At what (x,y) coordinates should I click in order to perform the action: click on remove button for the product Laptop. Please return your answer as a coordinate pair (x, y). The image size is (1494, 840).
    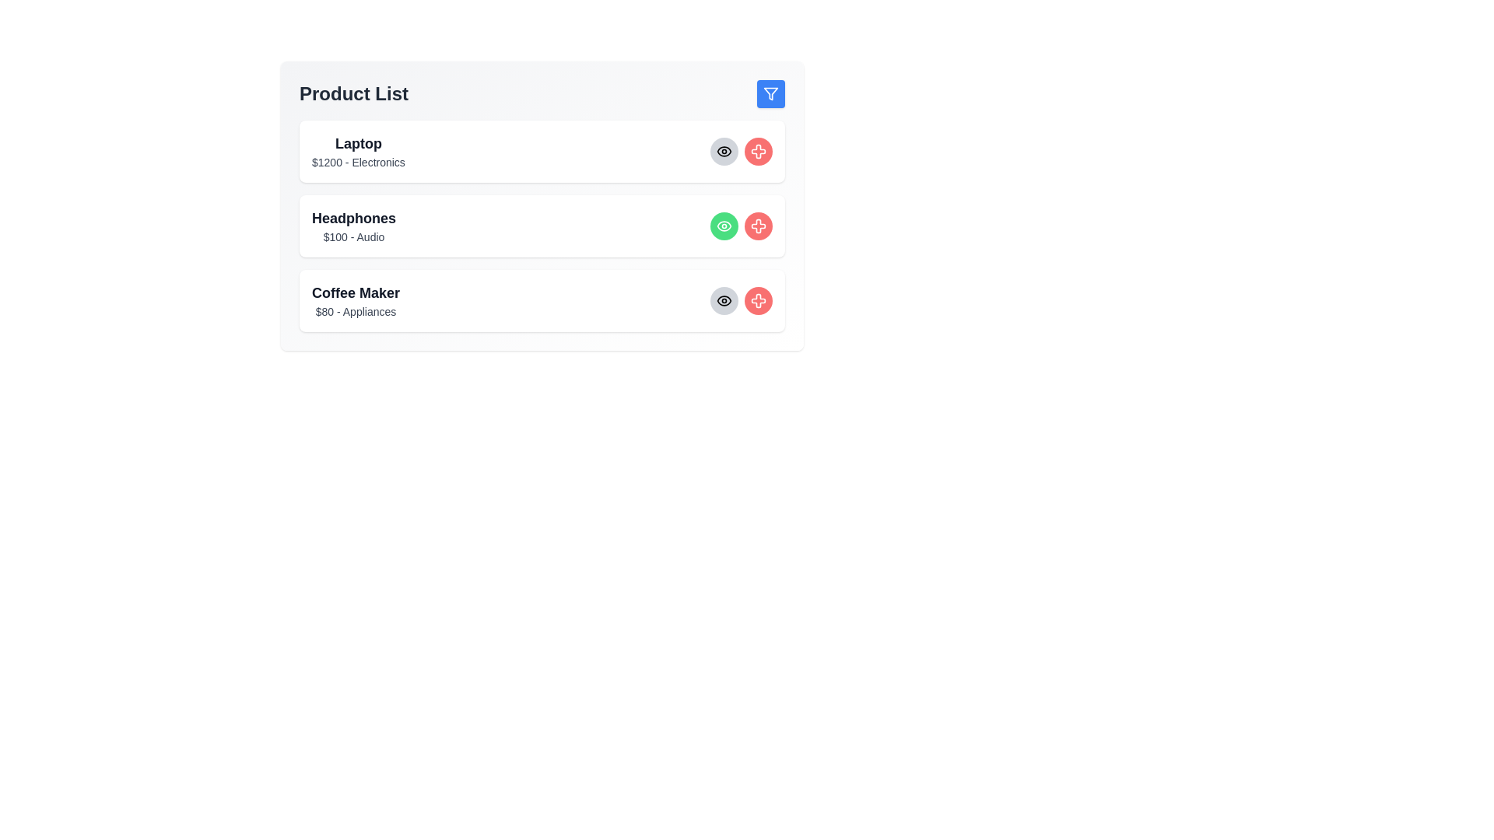
    Looking at the image, I should click on (758, 152).